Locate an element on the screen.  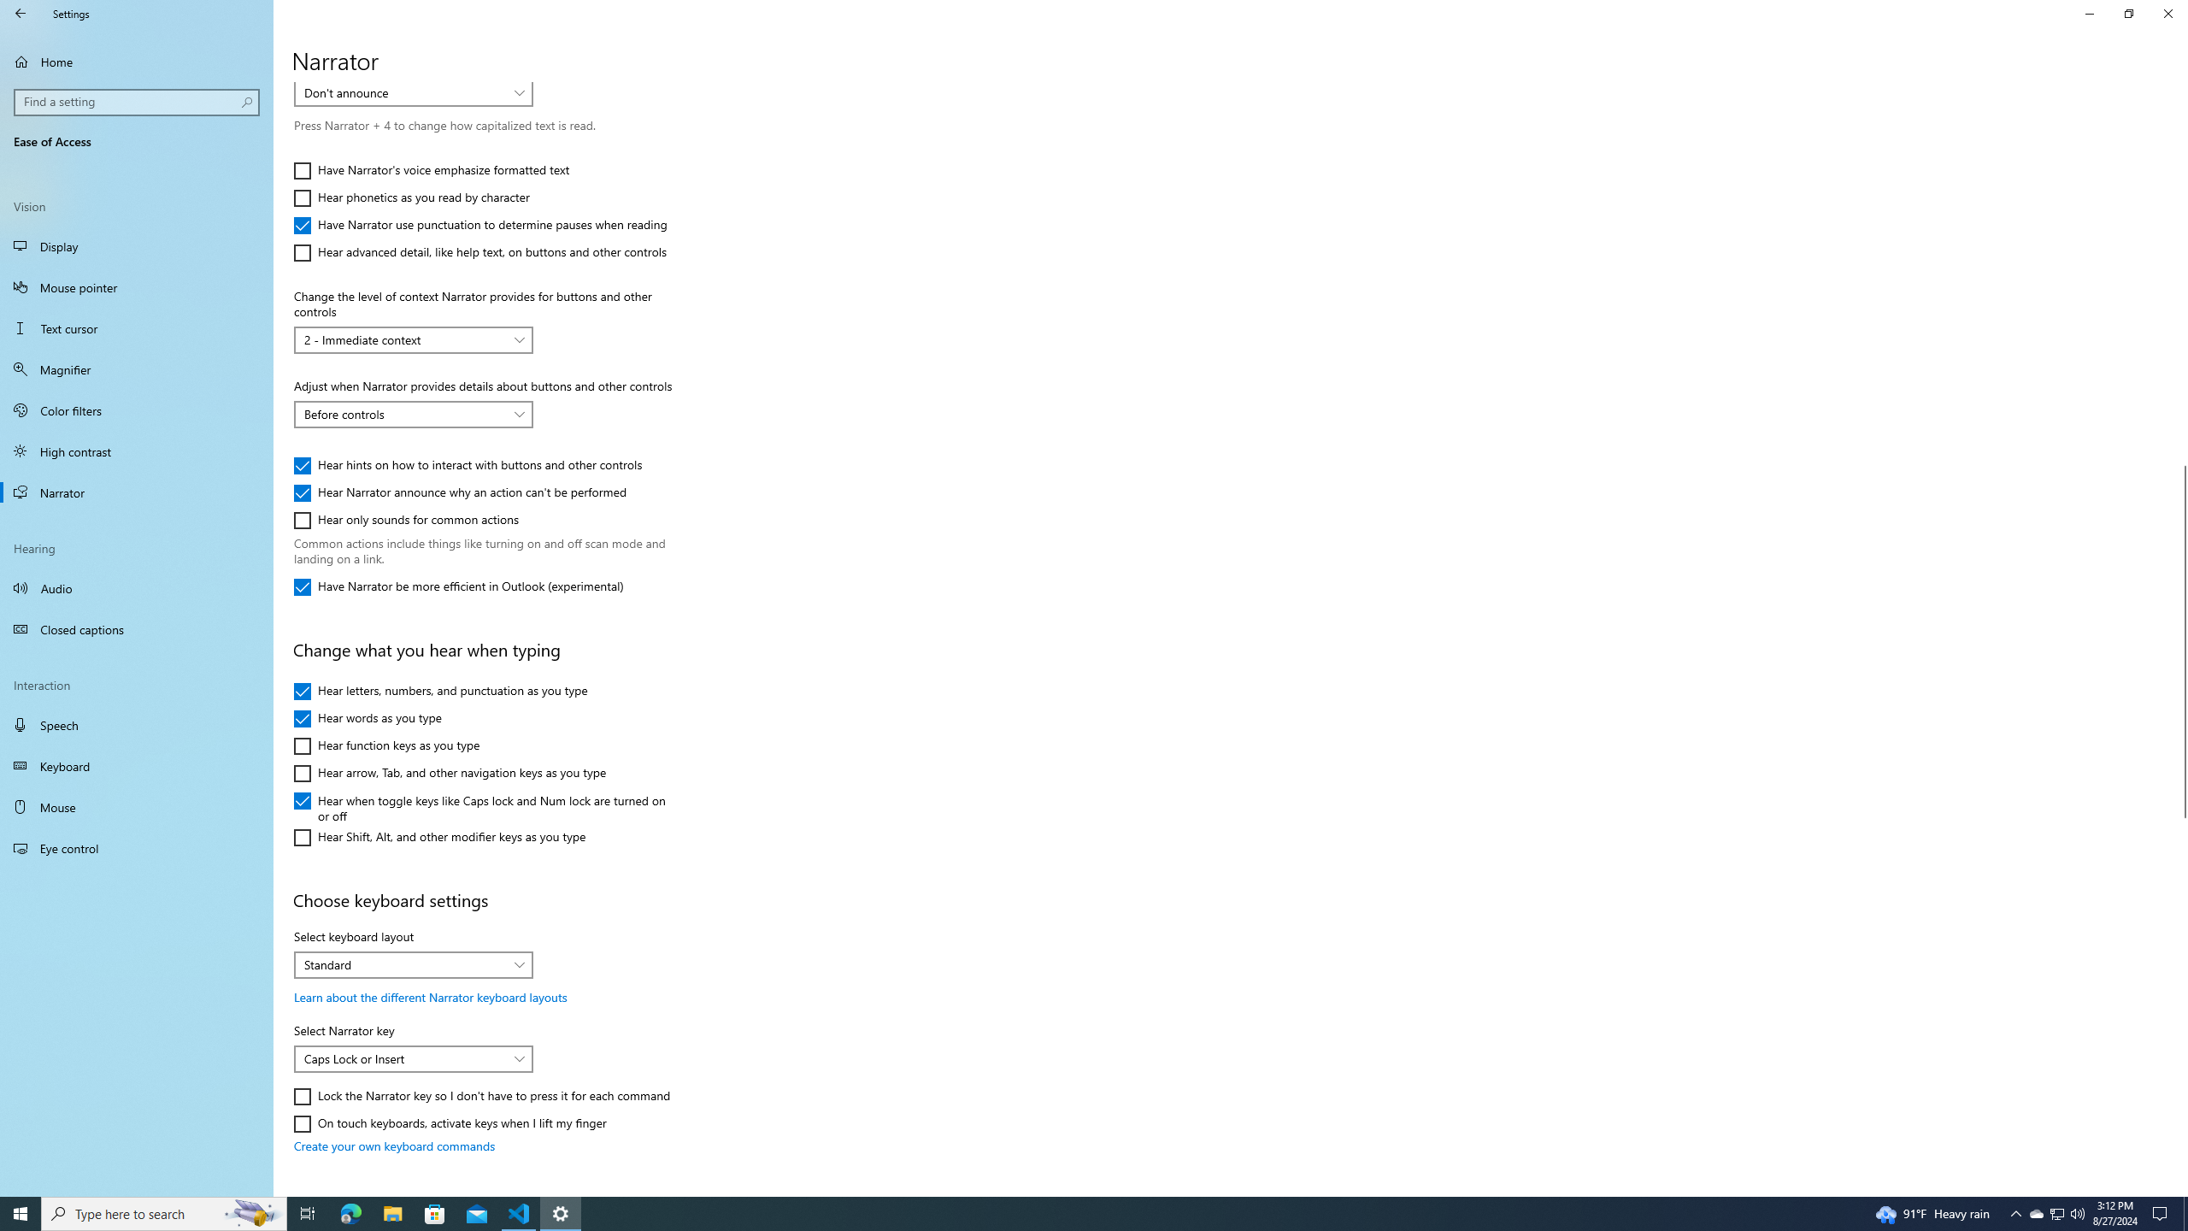
'Vertical' is located at coordinates (2180, 639).